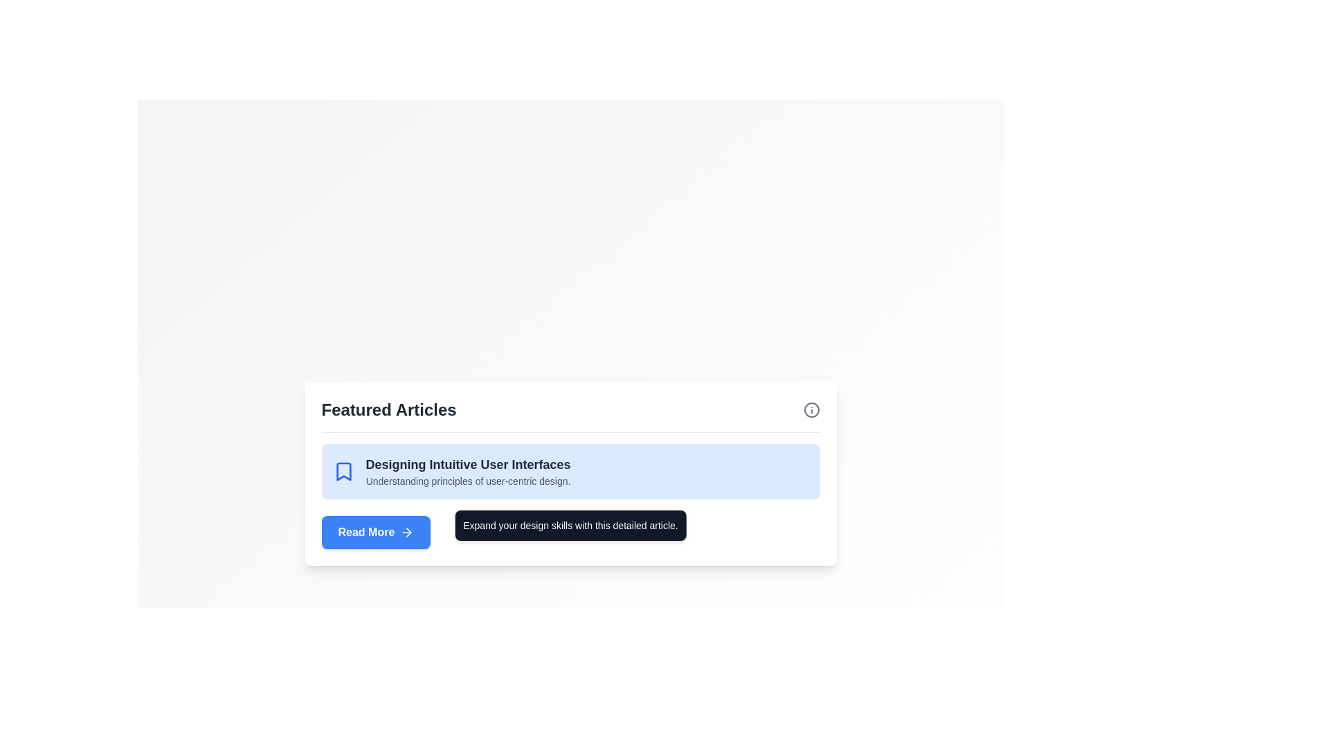  I want to click on the blue bookmark icon located at the leftmost part of the article card titled 'Designing Intuitive User Interfaces' to display descriptive tooltips, so click(343, 470).